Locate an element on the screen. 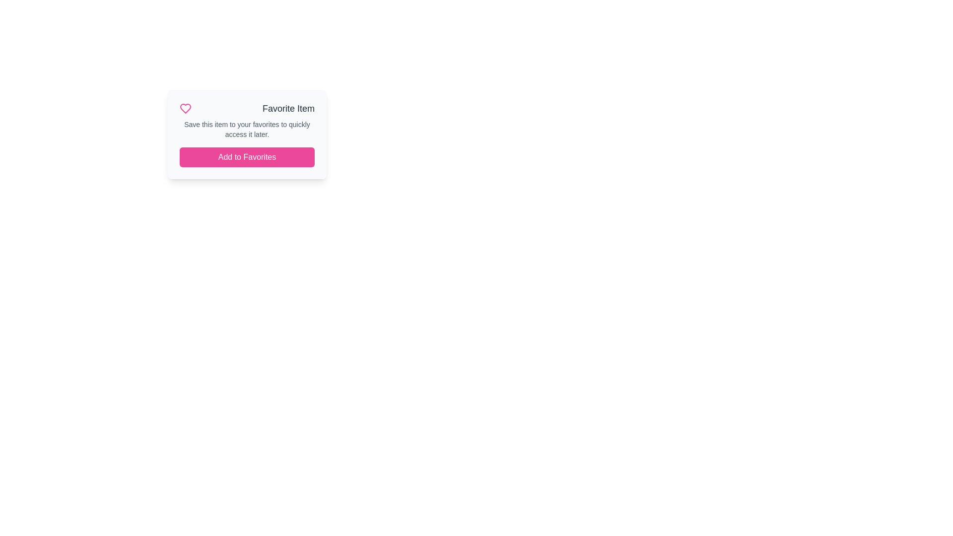  the 'Favorite Item' text label, which is styled with a gray font and positioned to the right of a heart icon within a card-like UI component is located at coordinates (288, 109).